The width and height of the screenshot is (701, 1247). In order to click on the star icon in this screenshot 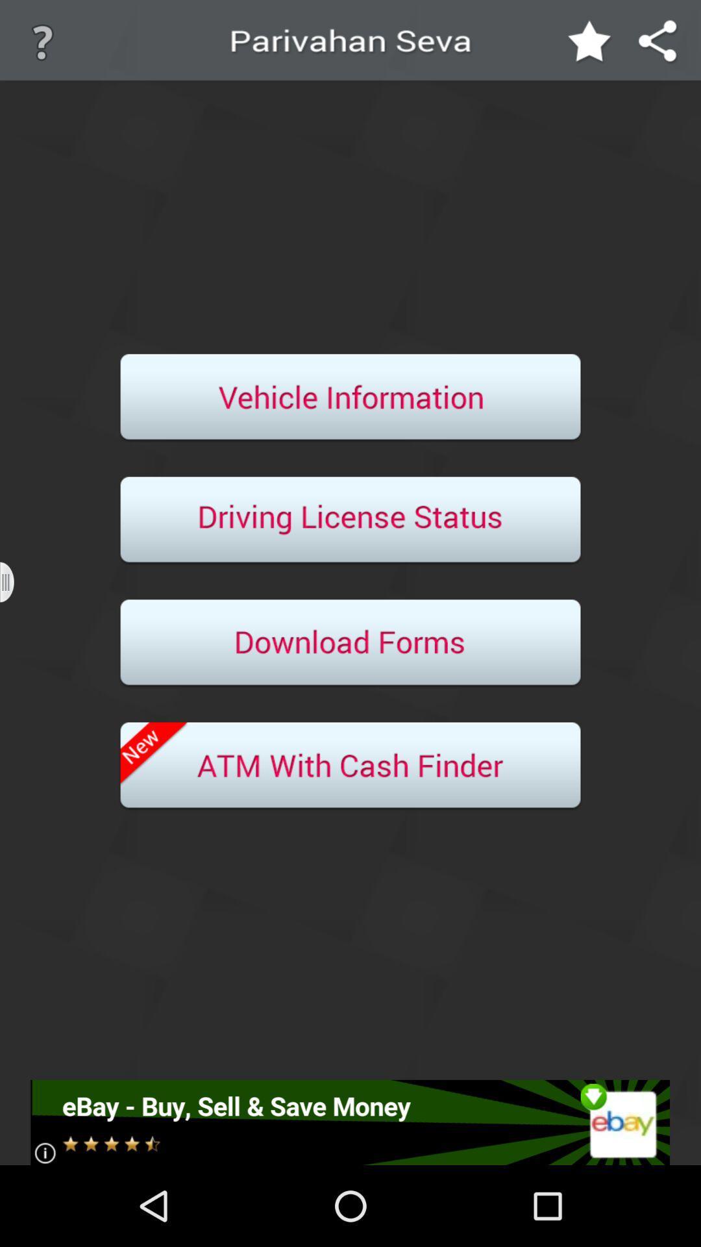, I will do `click(590, 45)`.